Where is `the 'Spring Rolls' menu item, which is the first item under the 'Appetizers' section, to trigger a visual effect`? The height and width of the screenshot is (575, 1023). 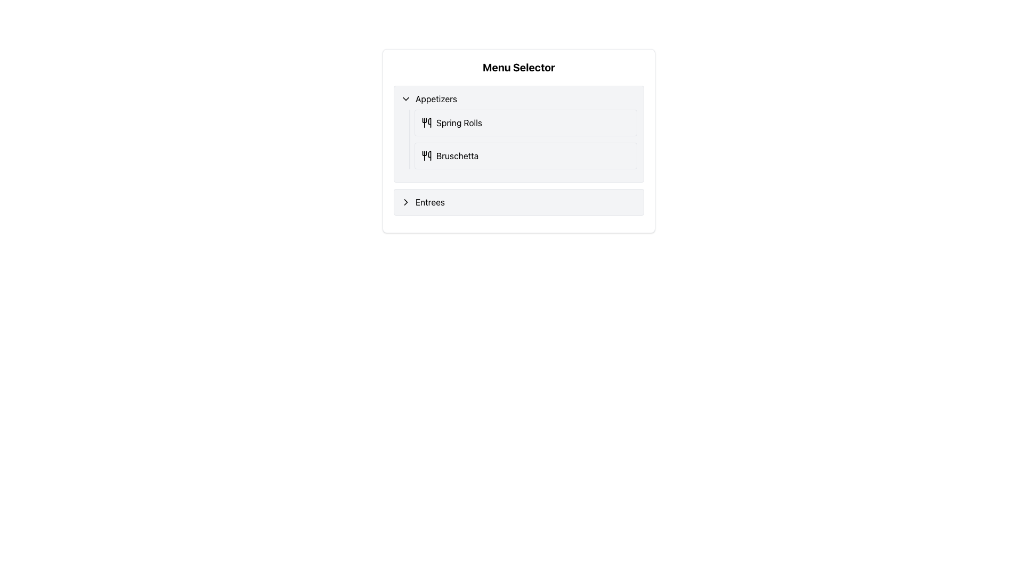
the 'Spring Rolls' menu item, which is the first item under the 'Appetizers' section, to trigger a visual effect is located at coordinates (526, 122).